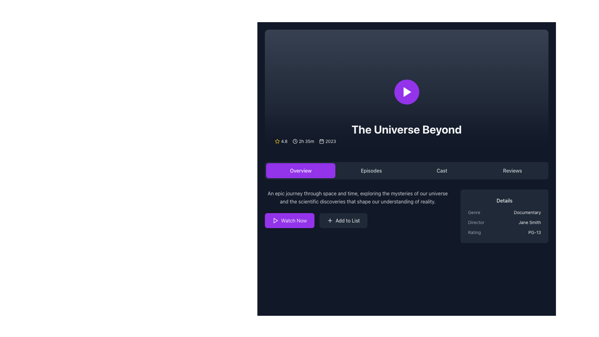  I want to click on the yellow star icon, which is a five-pointed shape with a hollow center, located in the top-left quadrant of the interface adjacent to the user's rating, so click(277, 141).